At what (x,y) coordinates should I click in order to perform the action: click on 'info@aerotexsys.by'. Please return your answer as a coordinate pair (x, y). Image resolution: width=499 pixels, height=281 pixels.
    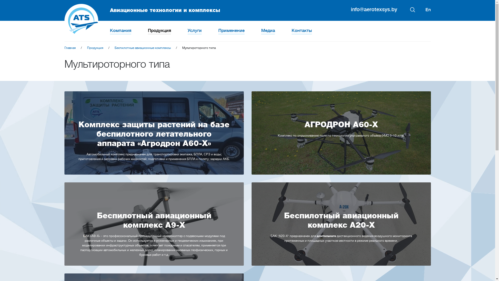
    Looking at the image, I should click on (374, 9).